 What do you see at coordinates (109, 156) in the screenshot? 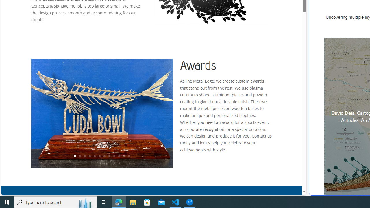
I see `'8'` at bounding box center [109, 156].